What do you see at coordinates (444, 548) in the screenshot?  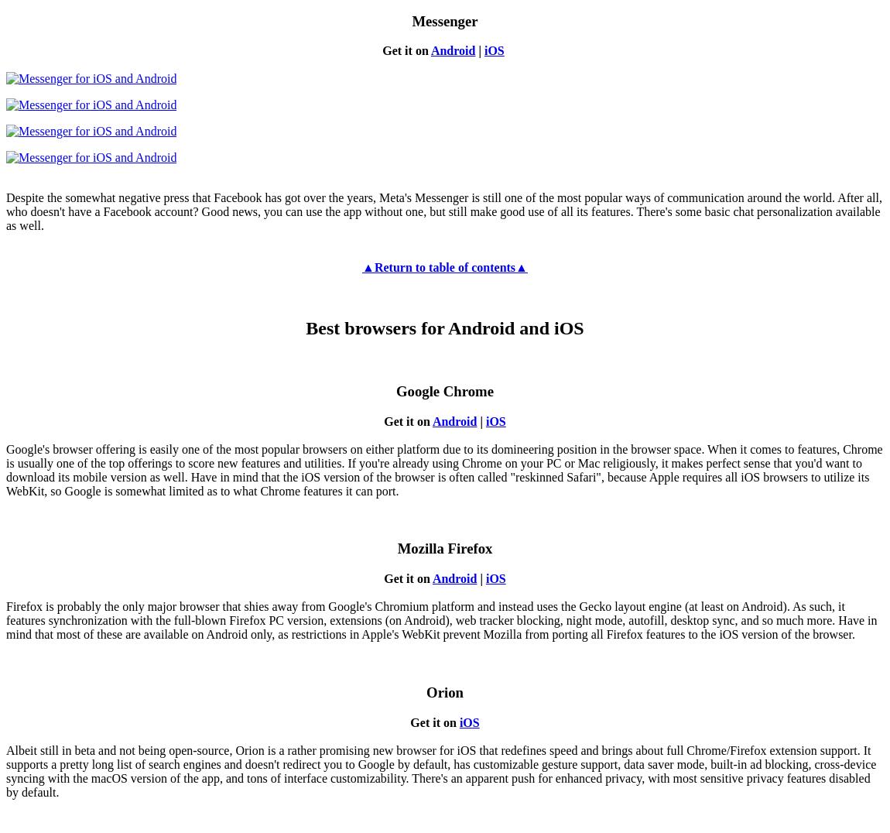 I see `'Mozilla Firefox'` at bounding box center [444, 548].